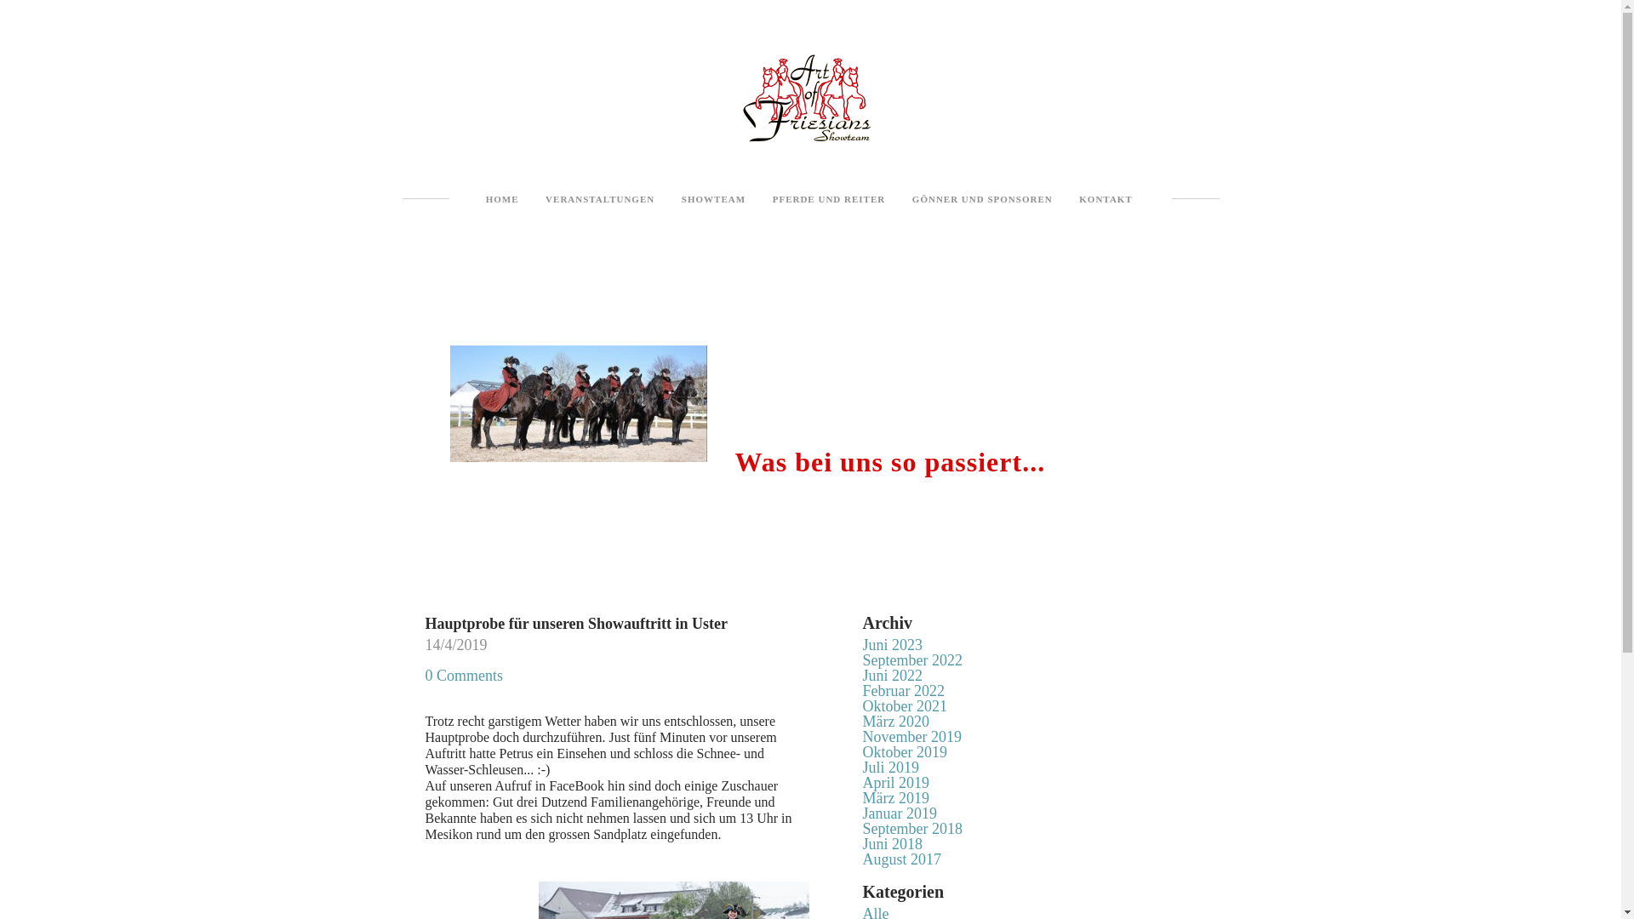 The width and height of the screenshot is (1634, 919). Describe the element at coordinates (892, 645) in the screenshot. I see `'Juni 2023'` at that location.